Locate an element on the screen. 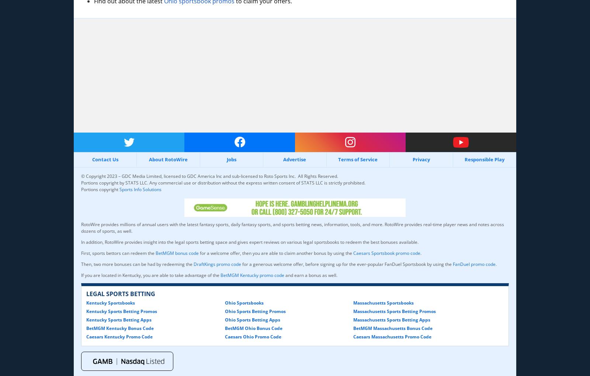 The image size is (590, 376). 'Caesars Massachusetts Promo Code' is located at coordinates (353, 336).